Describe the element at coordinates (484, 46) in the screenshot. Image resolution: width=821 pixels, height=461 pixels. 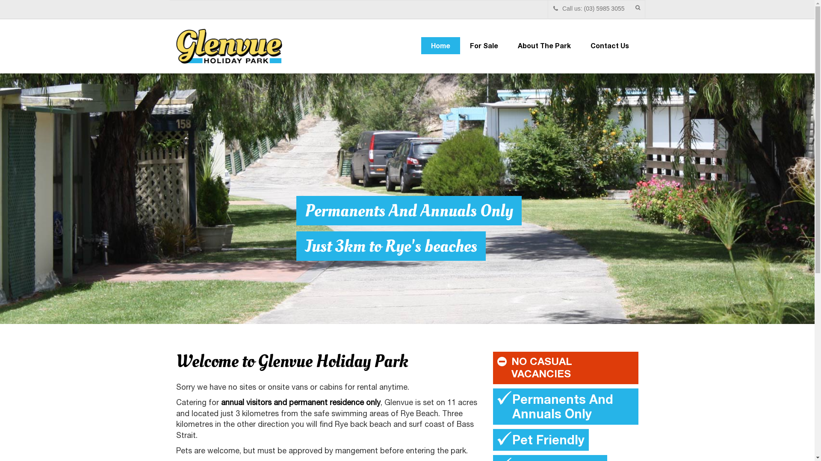
I see `'For Sale'` at that location.